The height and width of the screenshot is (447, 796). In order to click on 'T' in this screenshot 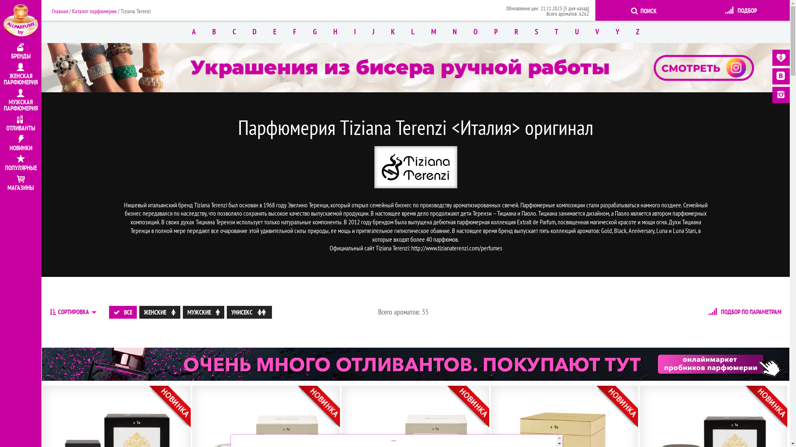, I will do `click(556, 31)`.